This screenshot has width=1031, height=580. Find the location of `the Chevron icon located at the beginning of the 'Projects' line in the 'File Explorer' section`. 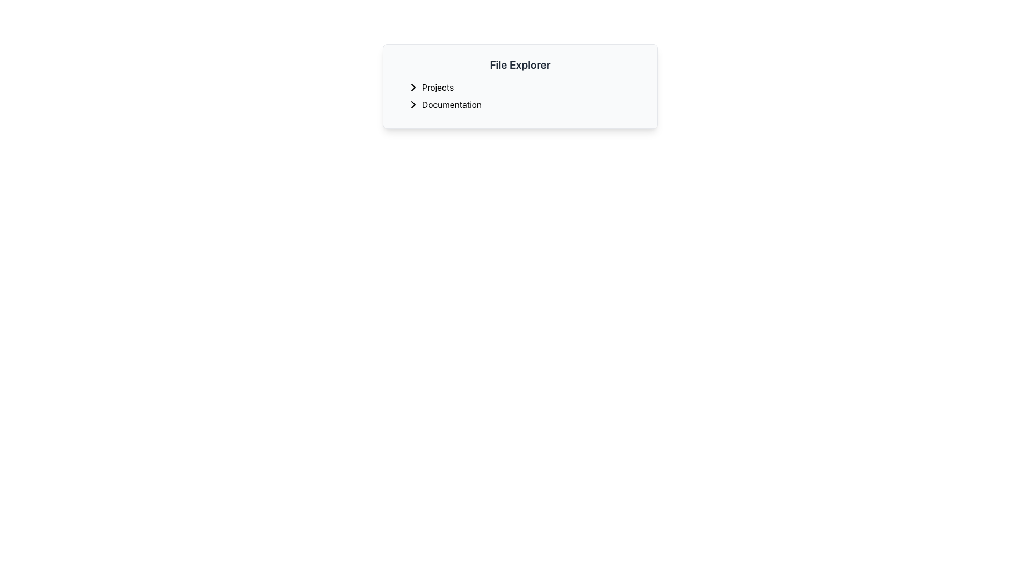

the Chevron icon located at the beginning of the 'Projects' line in the 'File Explorer' section is located at coordinates (412, 86).